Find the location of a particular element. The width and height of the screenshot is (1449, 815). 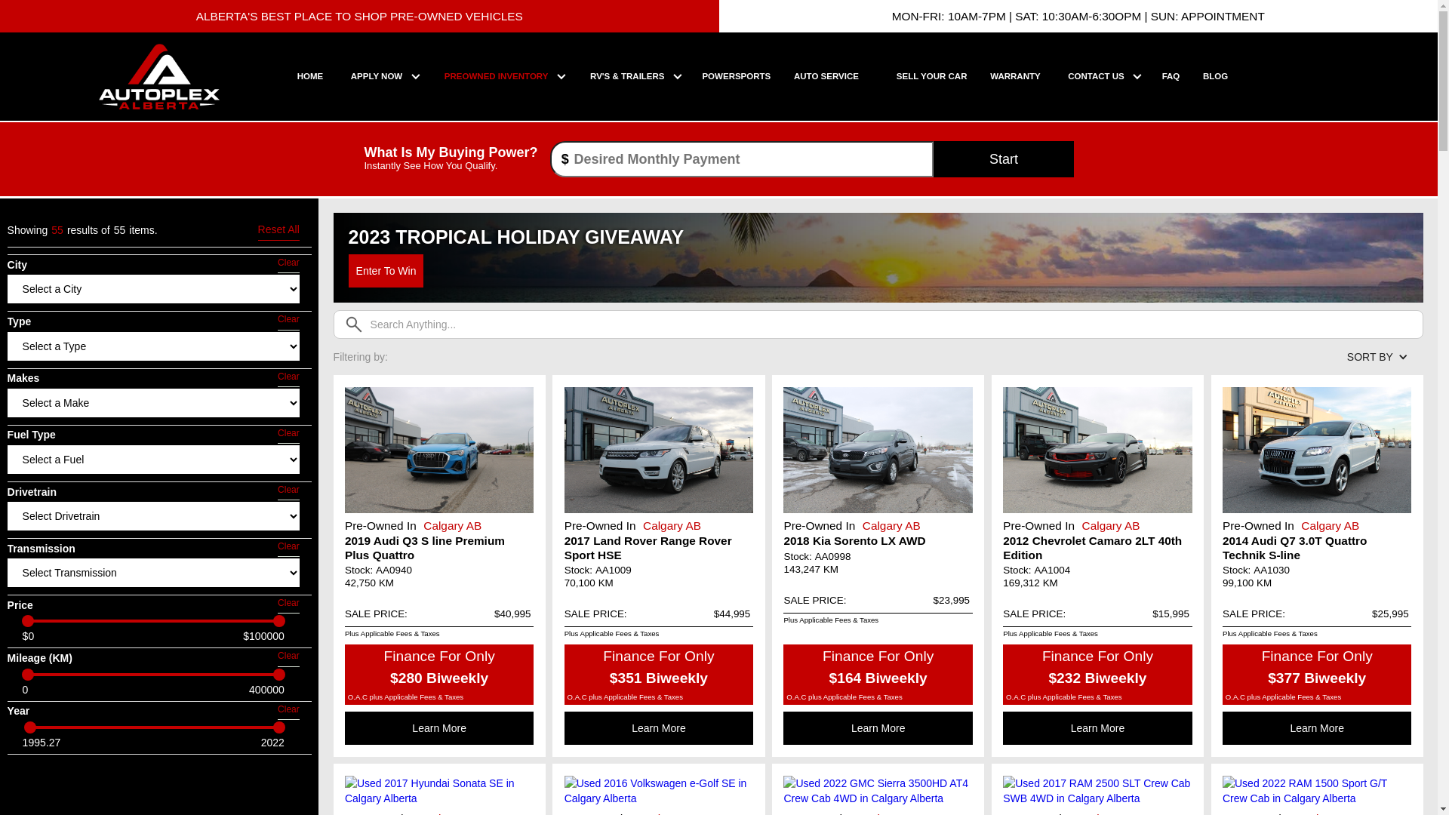

'Learn More' is located at coordinates (1316, 727).